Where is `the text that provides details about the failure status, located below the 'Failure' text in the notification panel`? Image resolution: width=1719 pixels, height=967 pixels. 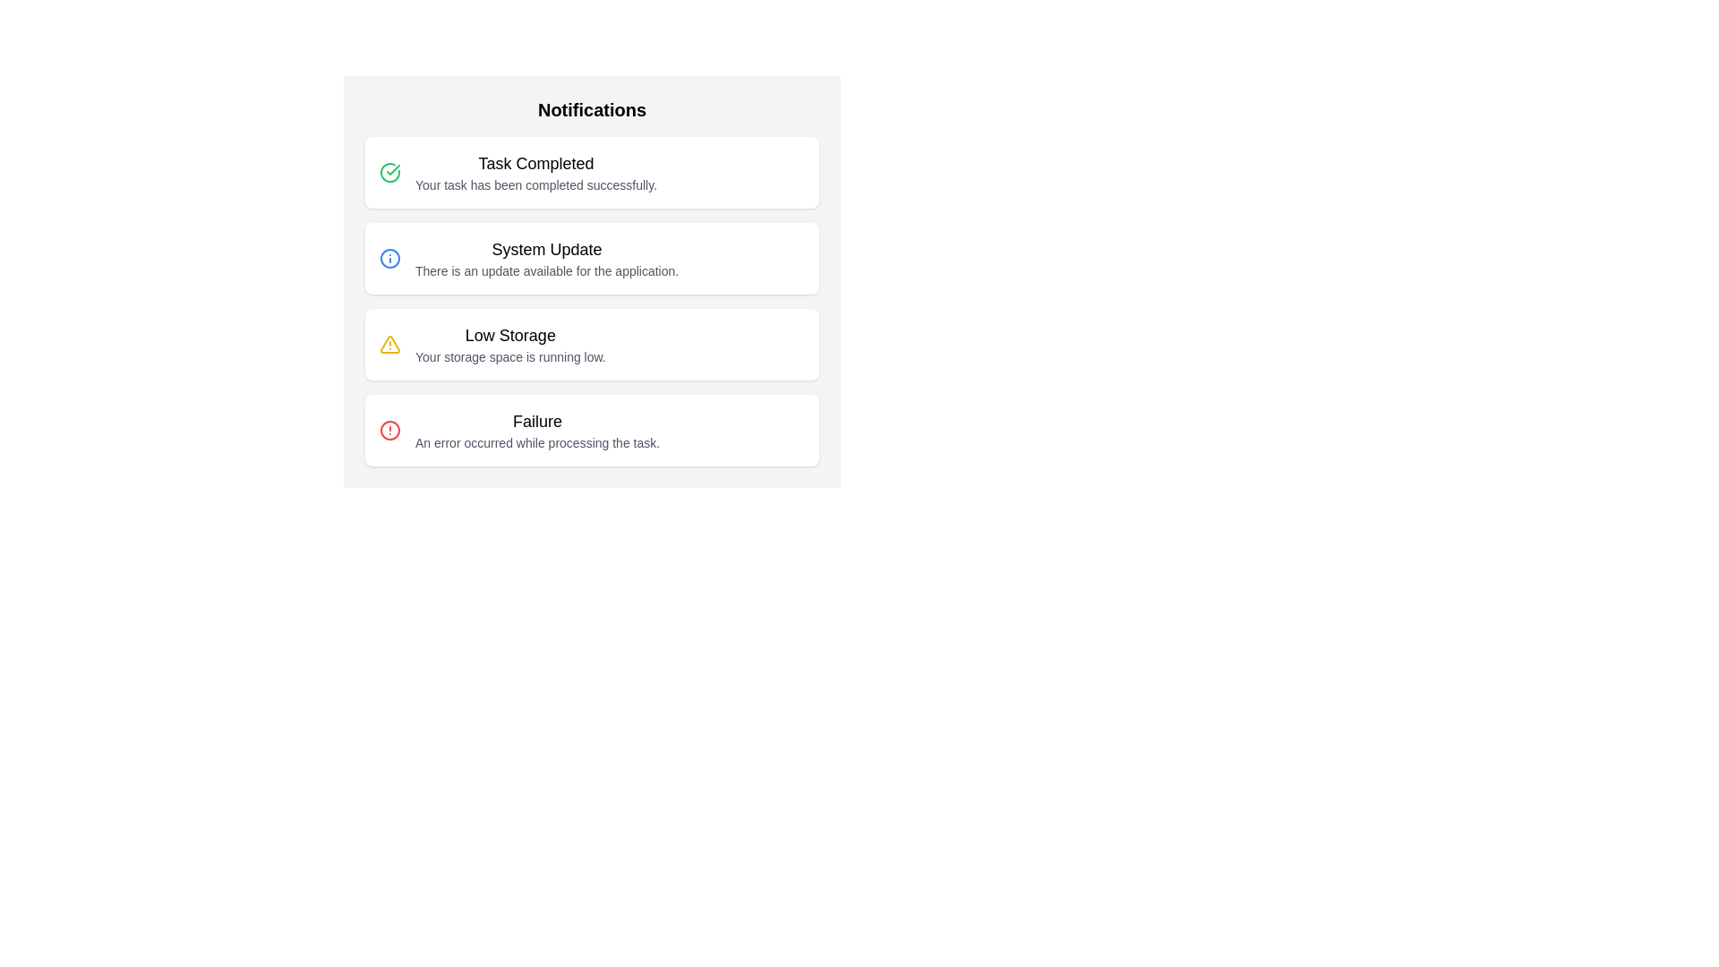
the text that provides details about the failure status, located below the 'Failure' text in the notification panel is located at coordinates (536, 442).